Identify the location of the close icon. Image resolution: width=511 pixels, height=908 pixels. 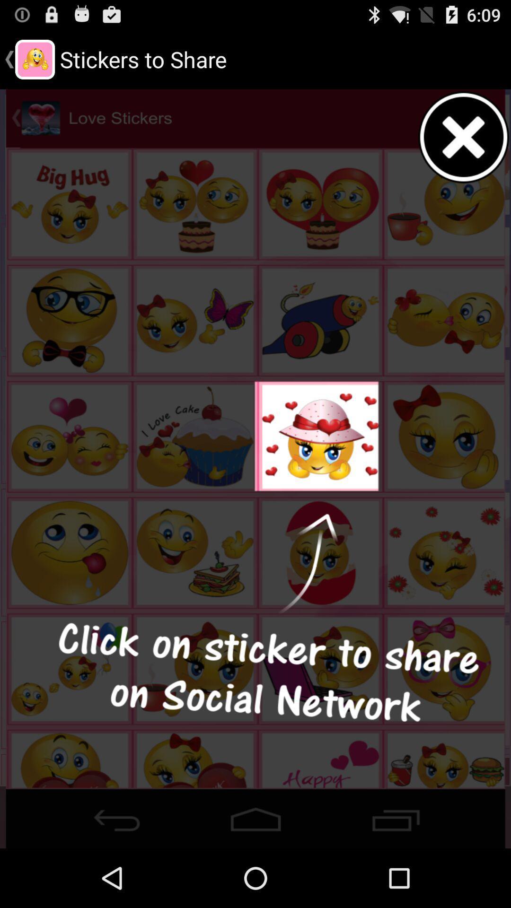
(464, 146).